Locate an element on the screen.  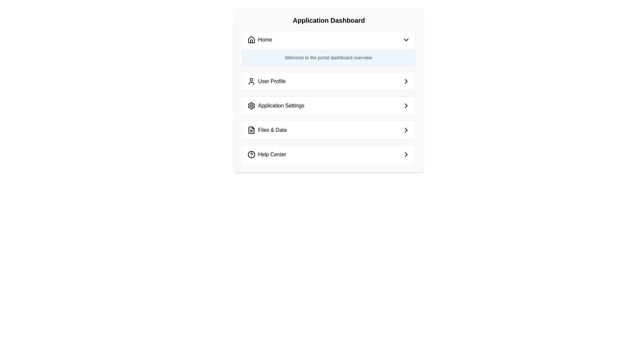
the third button in the vertical list of options on the 'Application Dashboard' is located at coordinates (329, 105).